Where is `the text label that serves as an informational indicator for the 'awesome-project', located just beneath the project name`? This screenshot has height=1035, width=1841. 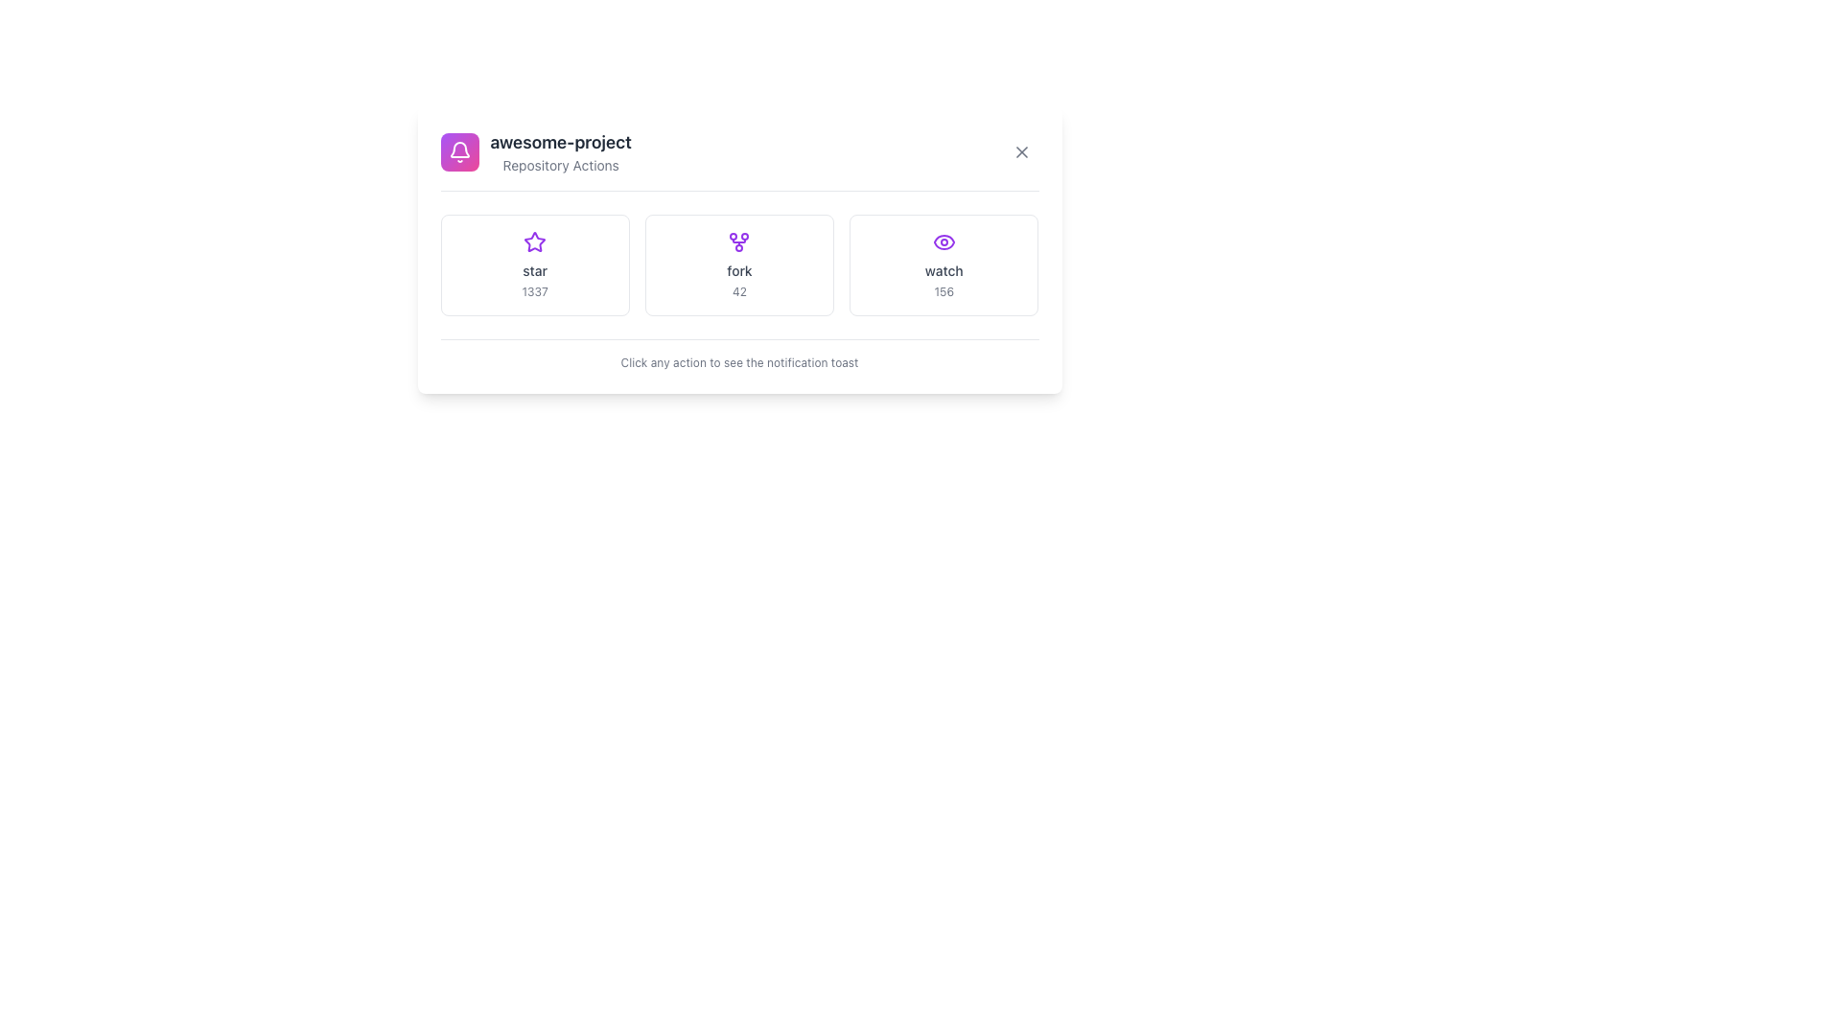
the text label that serves as an informational indicator for the 'awesome-project', located just beneath the project name is located at coordinates (560, 165).